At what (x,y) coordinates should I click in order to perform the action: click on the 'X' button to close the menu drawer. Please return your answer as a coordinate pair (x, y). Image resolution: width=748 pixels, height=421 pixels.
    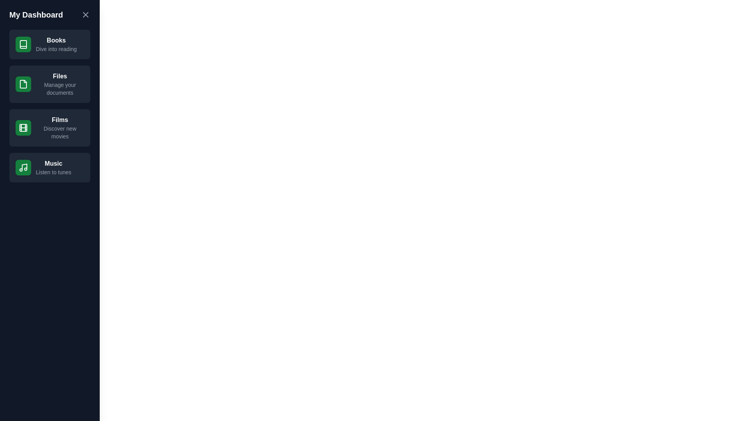
    Looking at the image, I should click on (86, 15).